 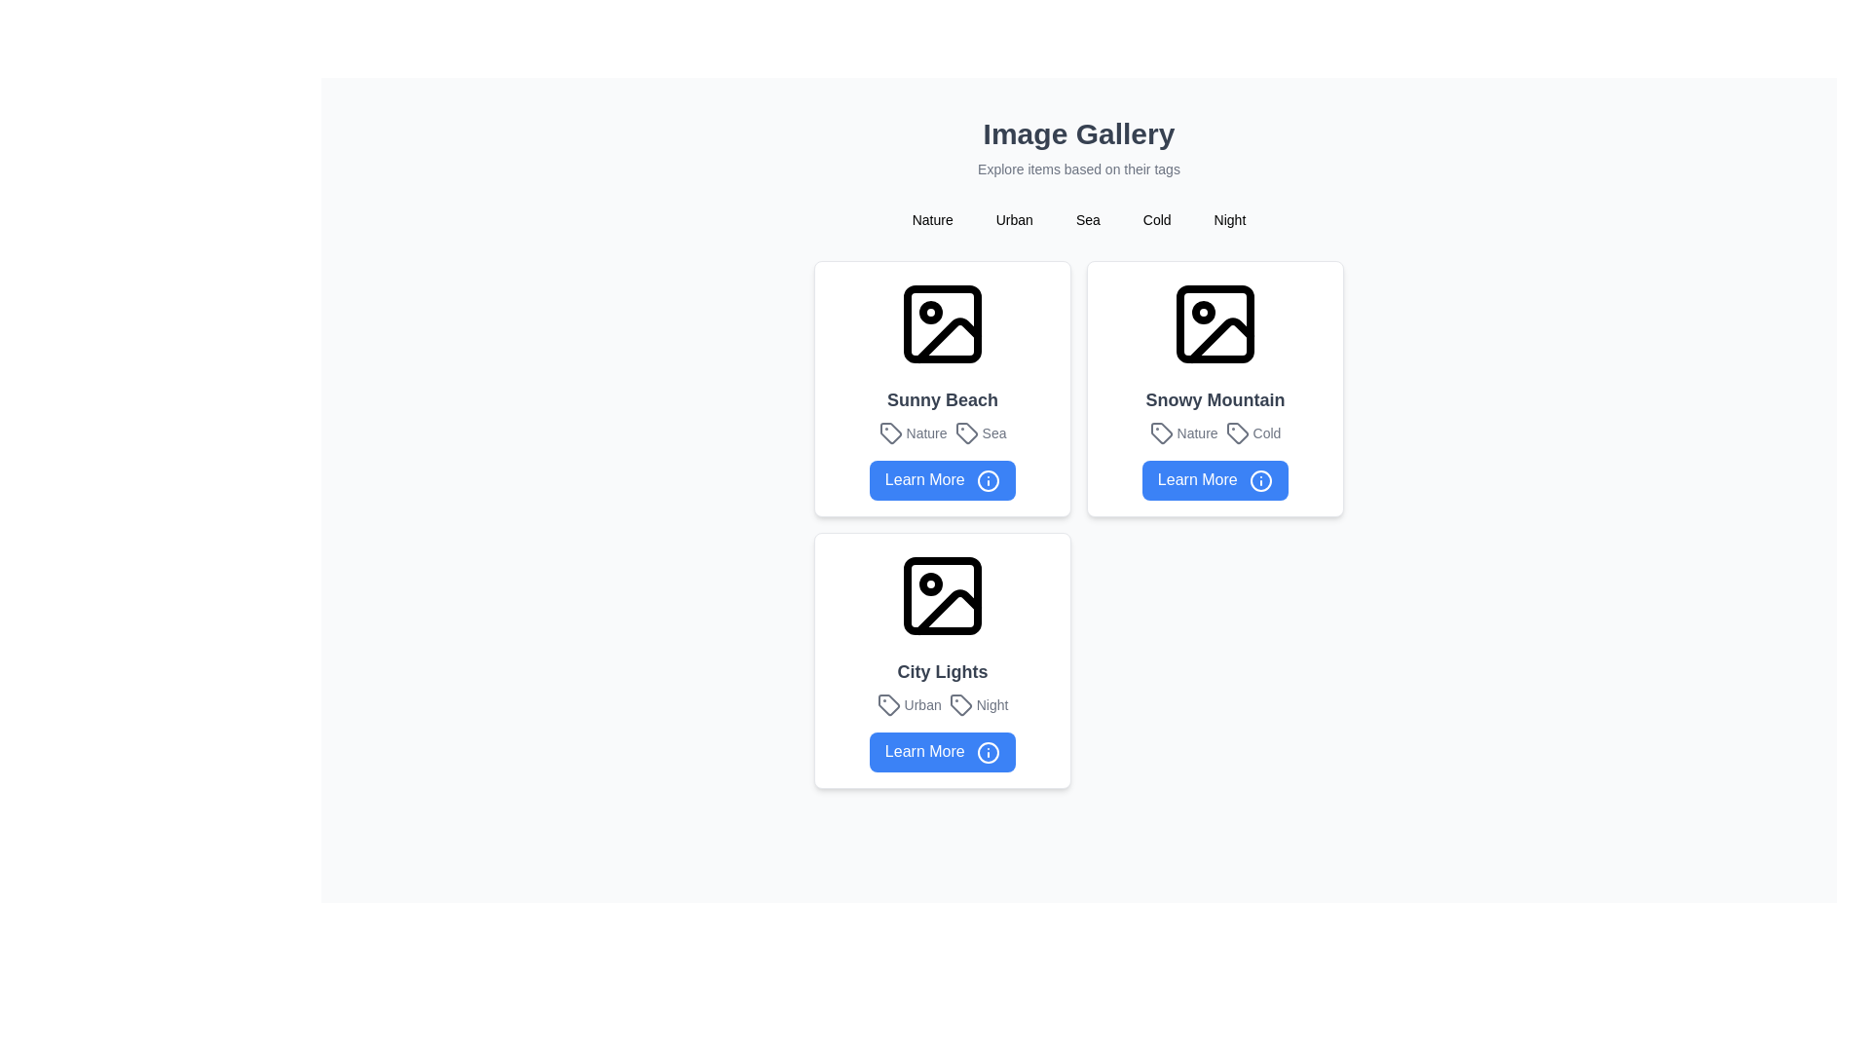 I want to click on Image icon representing an outlined picture with a sun and mountain, located at the top-left corner of the 'Sunny Beach' card, so click(x=943, y=322).